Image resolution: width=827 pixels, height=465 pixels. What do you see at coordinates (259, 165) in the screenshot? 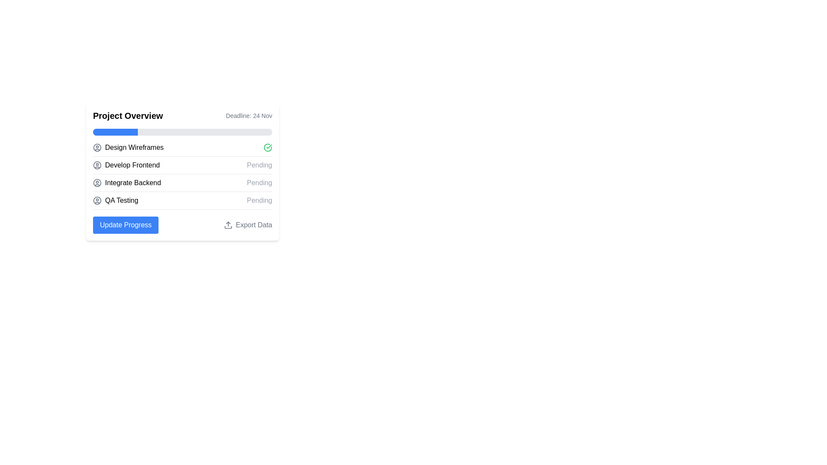
I see `the status indicator text label that marks the task 'Develop Frontend' as 'Pending', located in the project overview section` at bounding box center [259, 165].